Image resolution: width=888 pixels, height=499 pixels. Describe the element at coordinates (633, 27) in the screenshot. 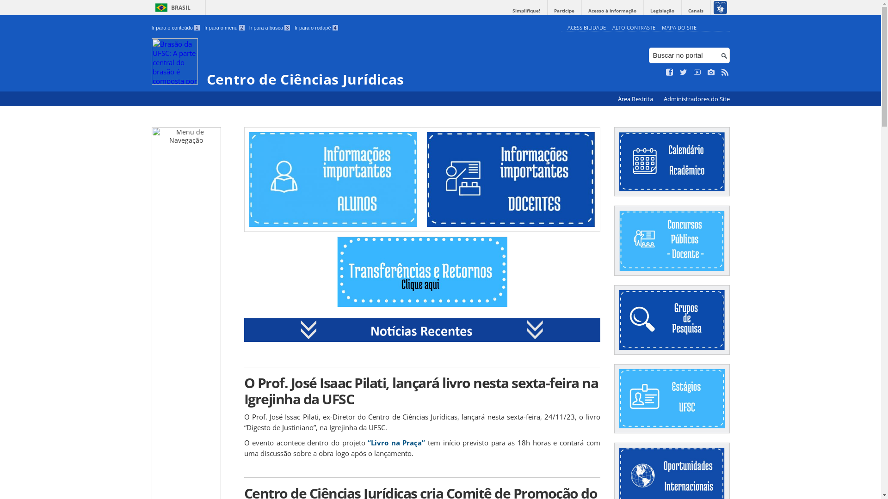

I see `'ALTO CONTRASTE'` at that location.